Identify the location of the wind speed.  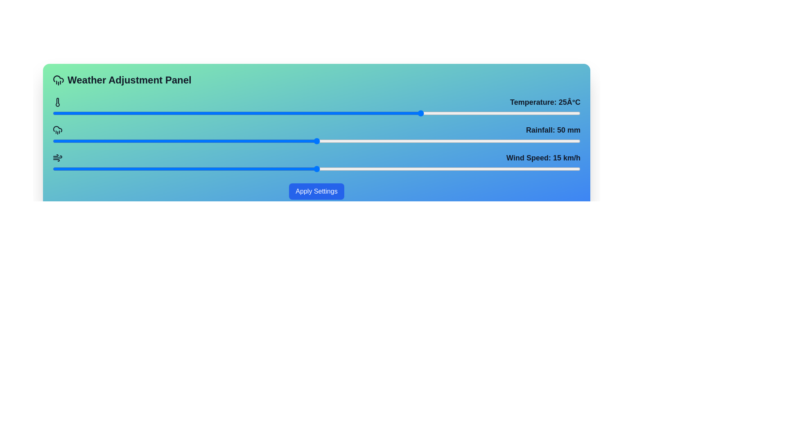
(404, 168).